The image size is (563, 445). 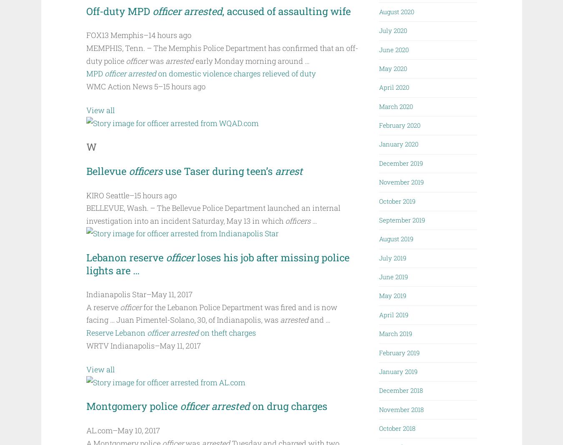 I want to click on 'use Taser during teen’s', so click(x=219, y=171).